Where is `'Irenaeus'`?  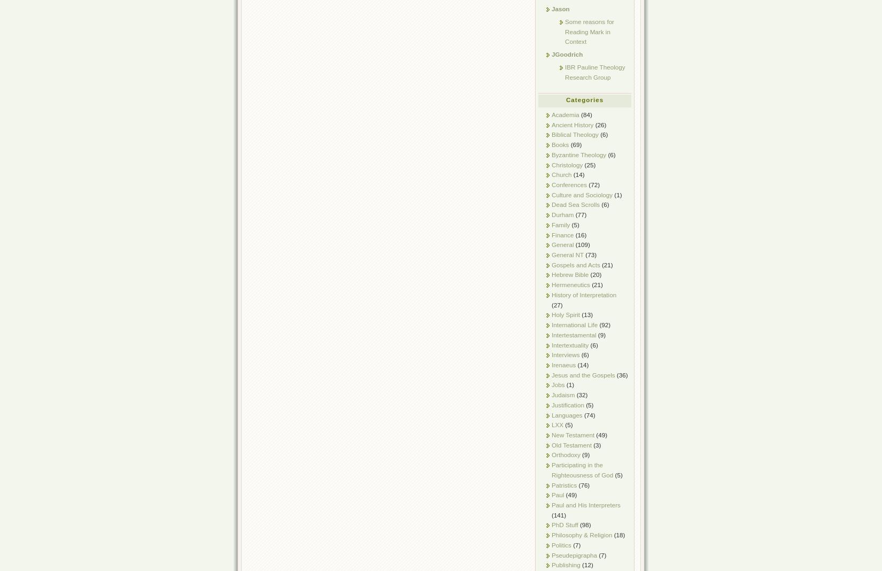 'Irenaeus' is located at coordinates (563, 364).